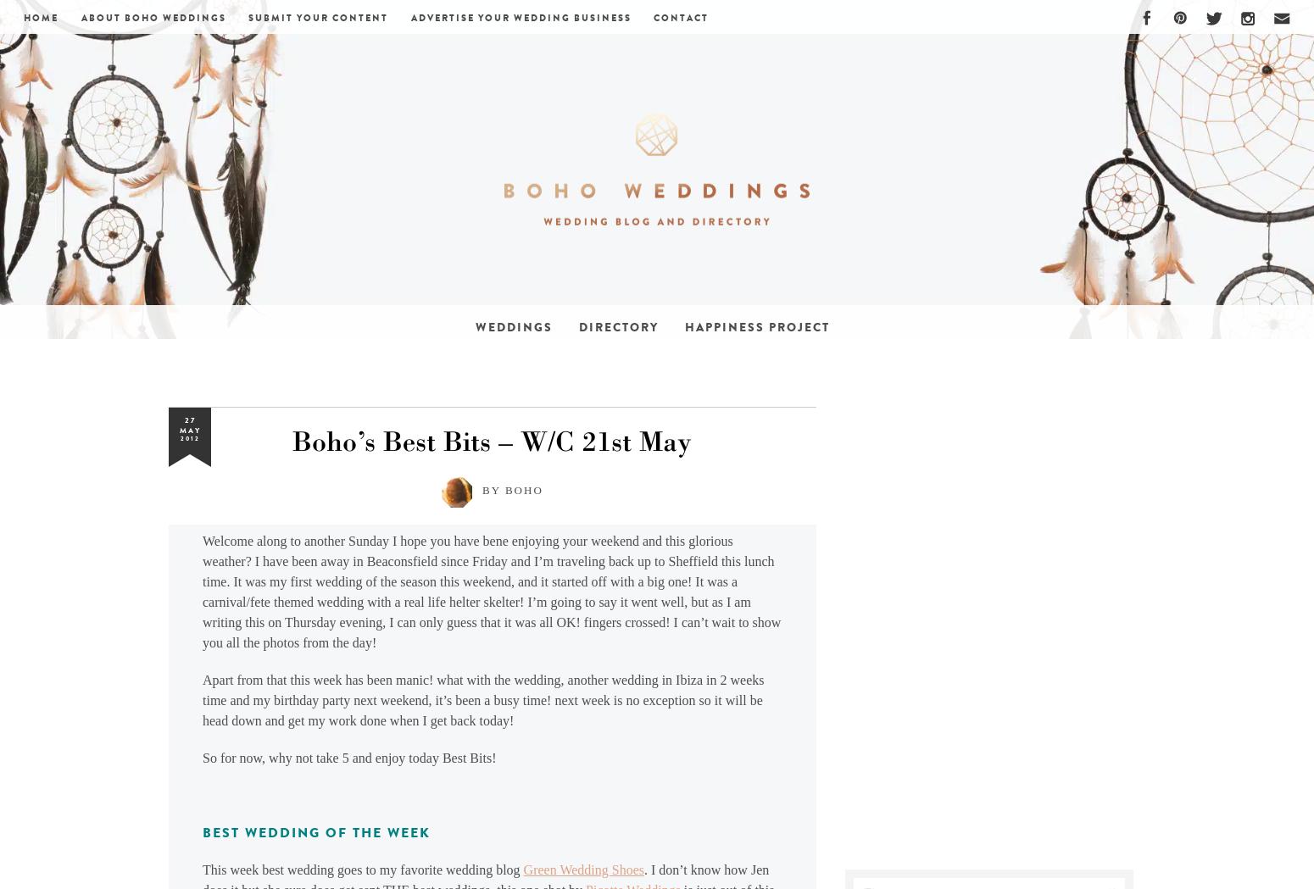 The width and height of the screenshot is (1314, 889). Describe the element at coordinates (523, 870) in the screenshot. I see `'Green Wedding Shoes'` at that location.